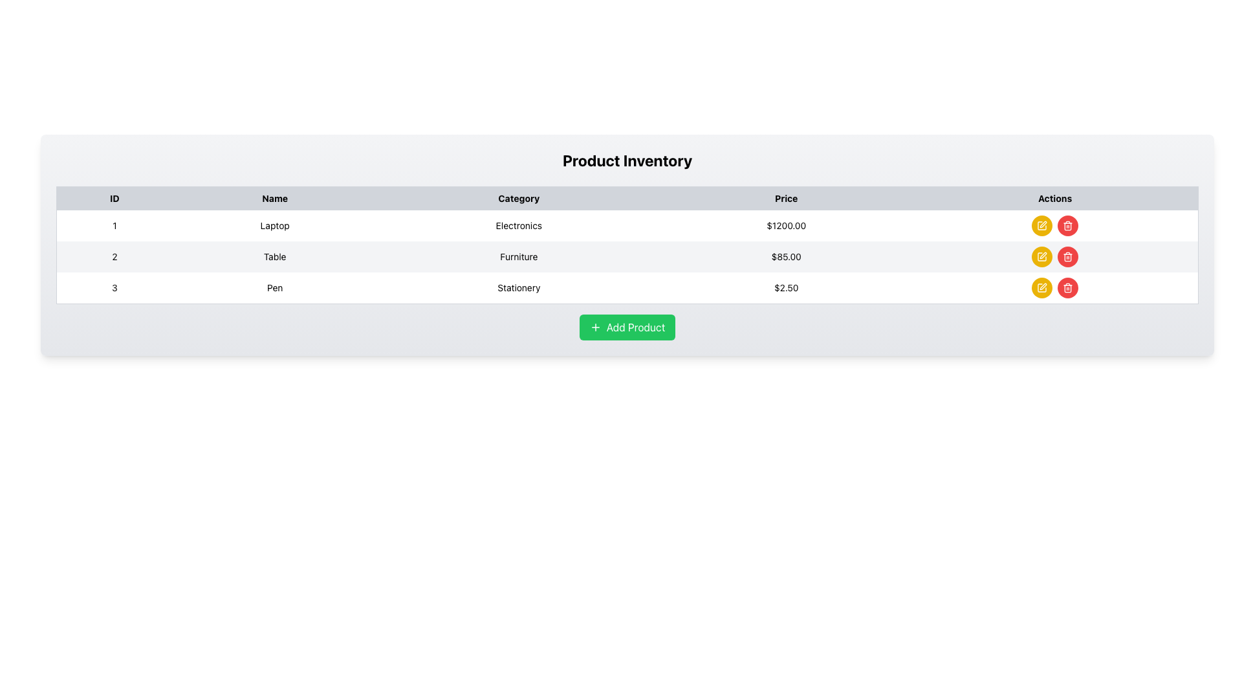  What do you see at coordinates (785, 287) in the screenshot?
I see `the static text displaying the price of the 'Pen' in the inventory list, located in the third row under the 'Price' column next to 'Stationery'` at bounding box center [785, 287].